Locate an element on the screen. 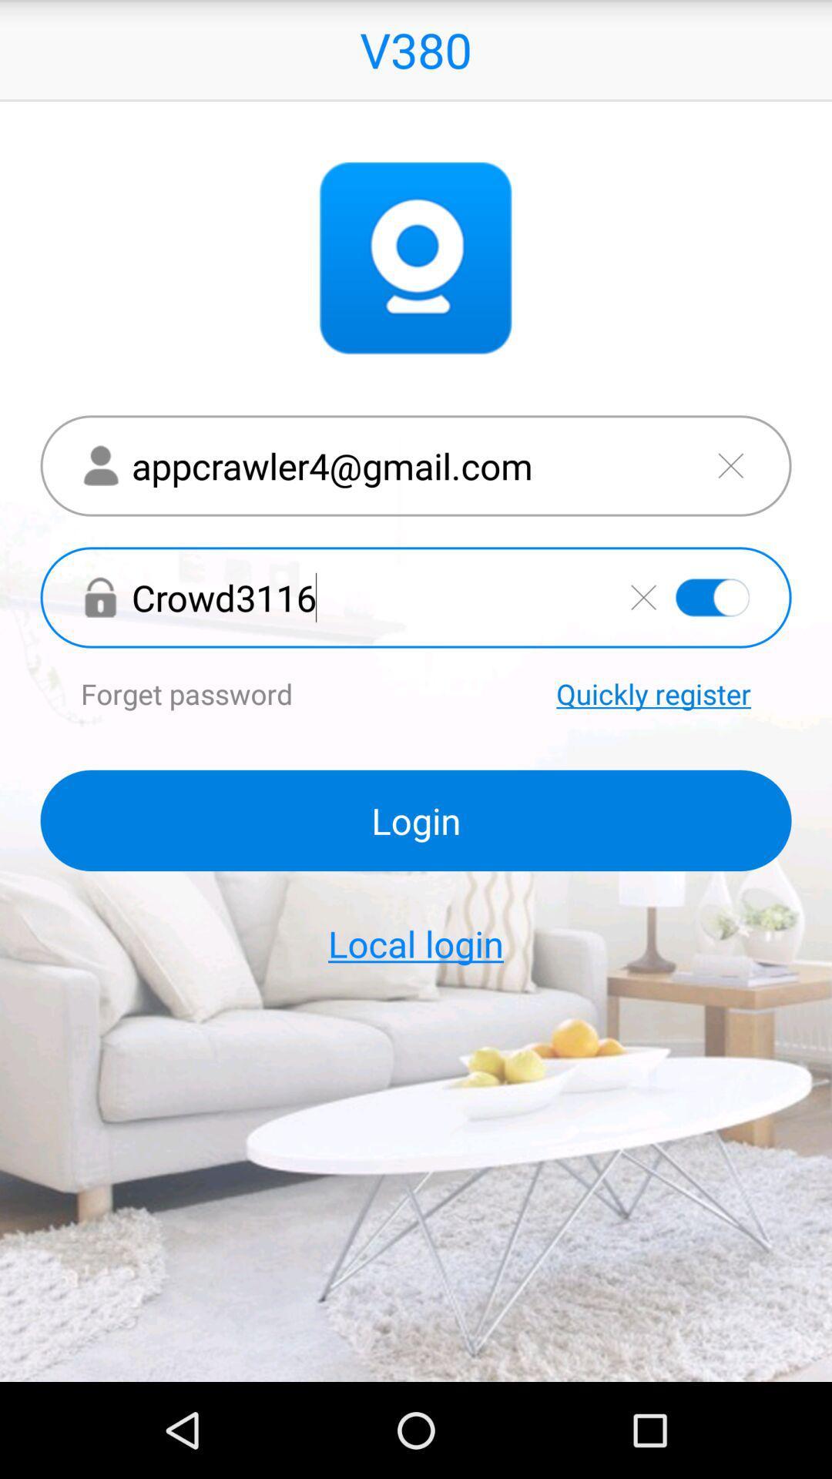 This screenshot has height=1479, width=832. change user is located at coordinates (730, 464).